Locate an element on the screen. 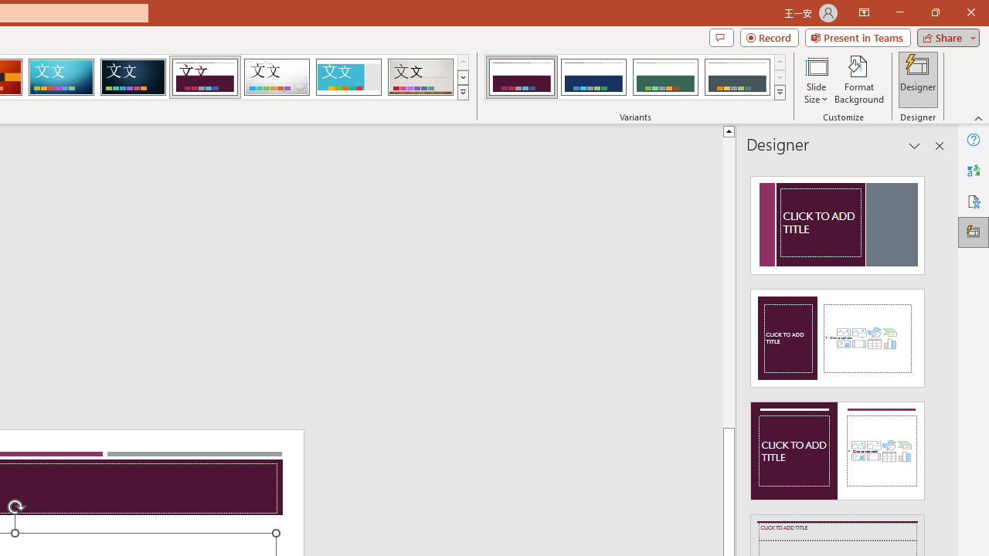 The image size is (989, 556). 'Circuit' is located at coordinates (61, 77).